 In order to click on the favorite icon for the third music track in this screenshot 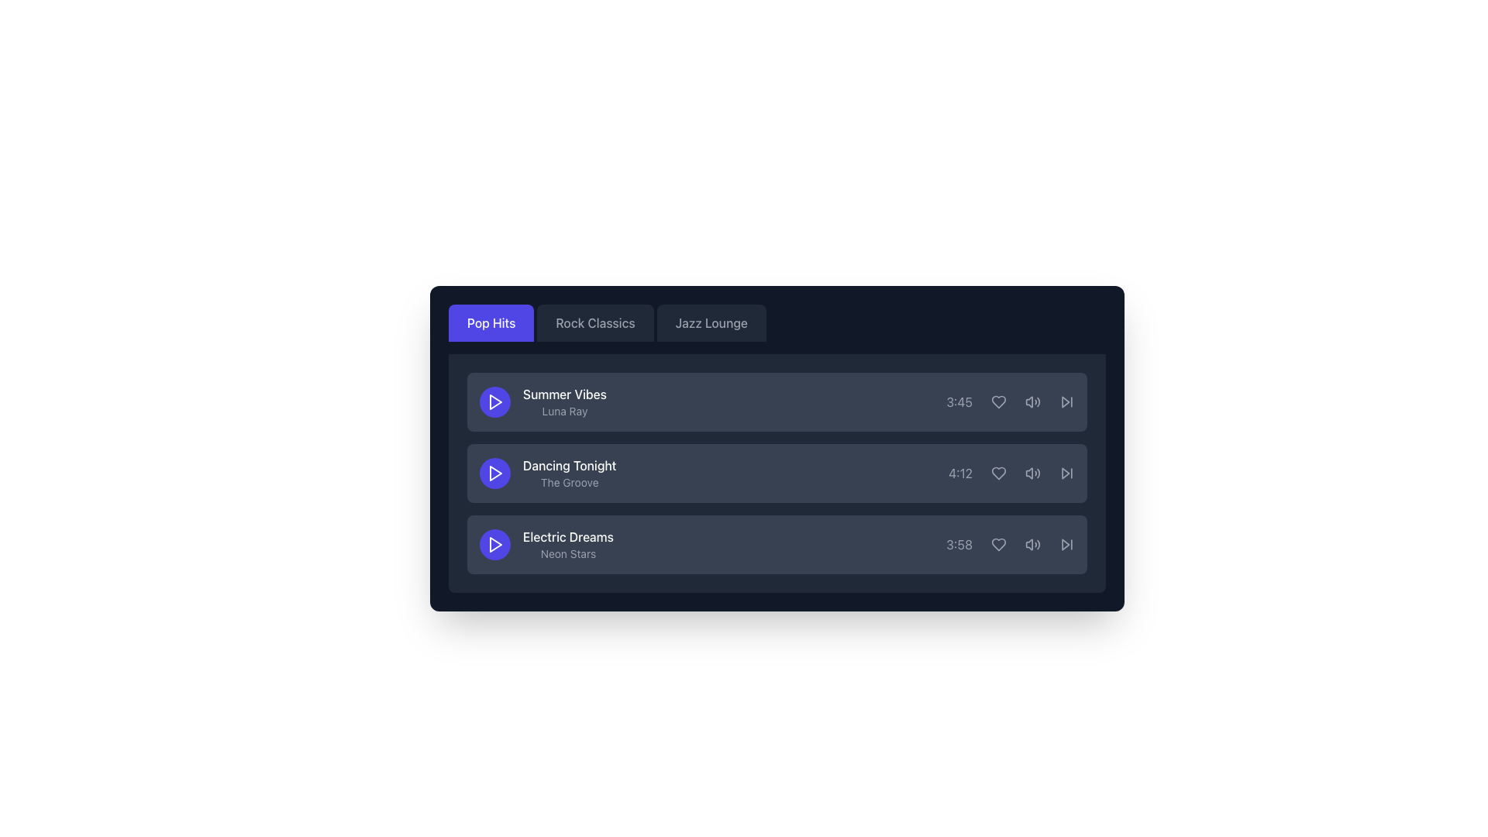, I will do `click(999, 543)`.